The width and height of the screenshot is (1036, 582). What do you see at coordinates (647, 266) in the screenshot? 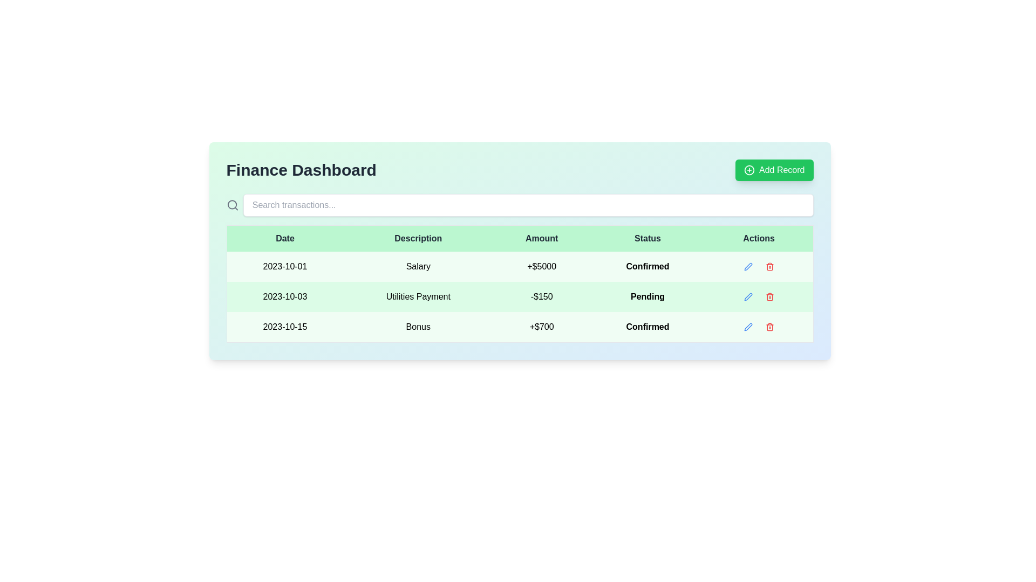
I see `the 'Status' label indicating the confirmation of a financial transaction, located in the fourth column of the first row of the transaction table` at bounding box center [647, 266].